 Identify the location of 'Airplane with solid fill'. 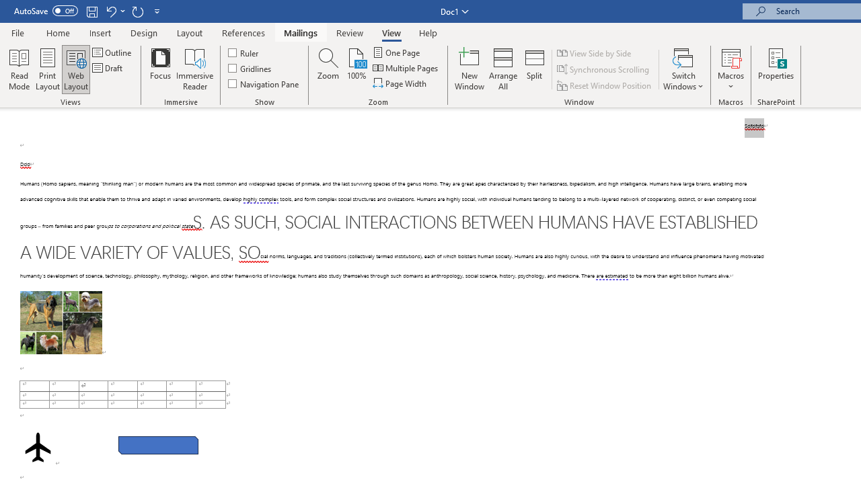
(38, 447).